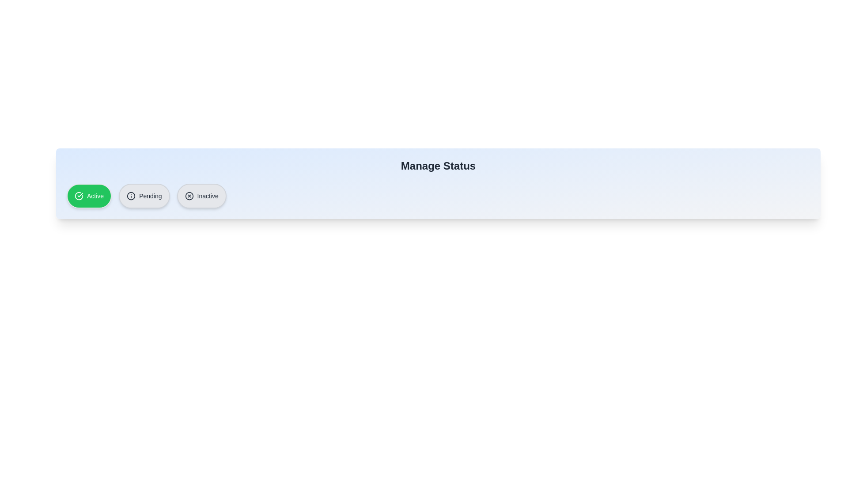  Describe the element at coordinates (89, 195) in the screenshot. I see `the status chip labeled 'Active' to observe its animation or style change` at that location.